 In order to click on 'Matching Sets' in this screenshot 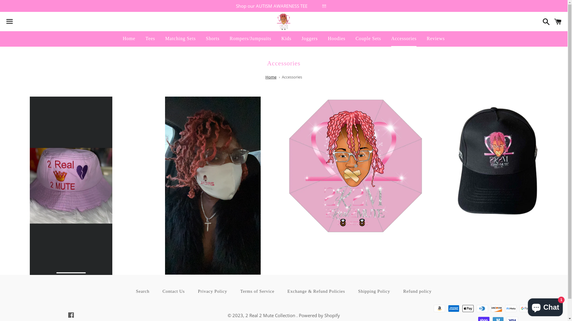, I will do `click(161, 39)`.